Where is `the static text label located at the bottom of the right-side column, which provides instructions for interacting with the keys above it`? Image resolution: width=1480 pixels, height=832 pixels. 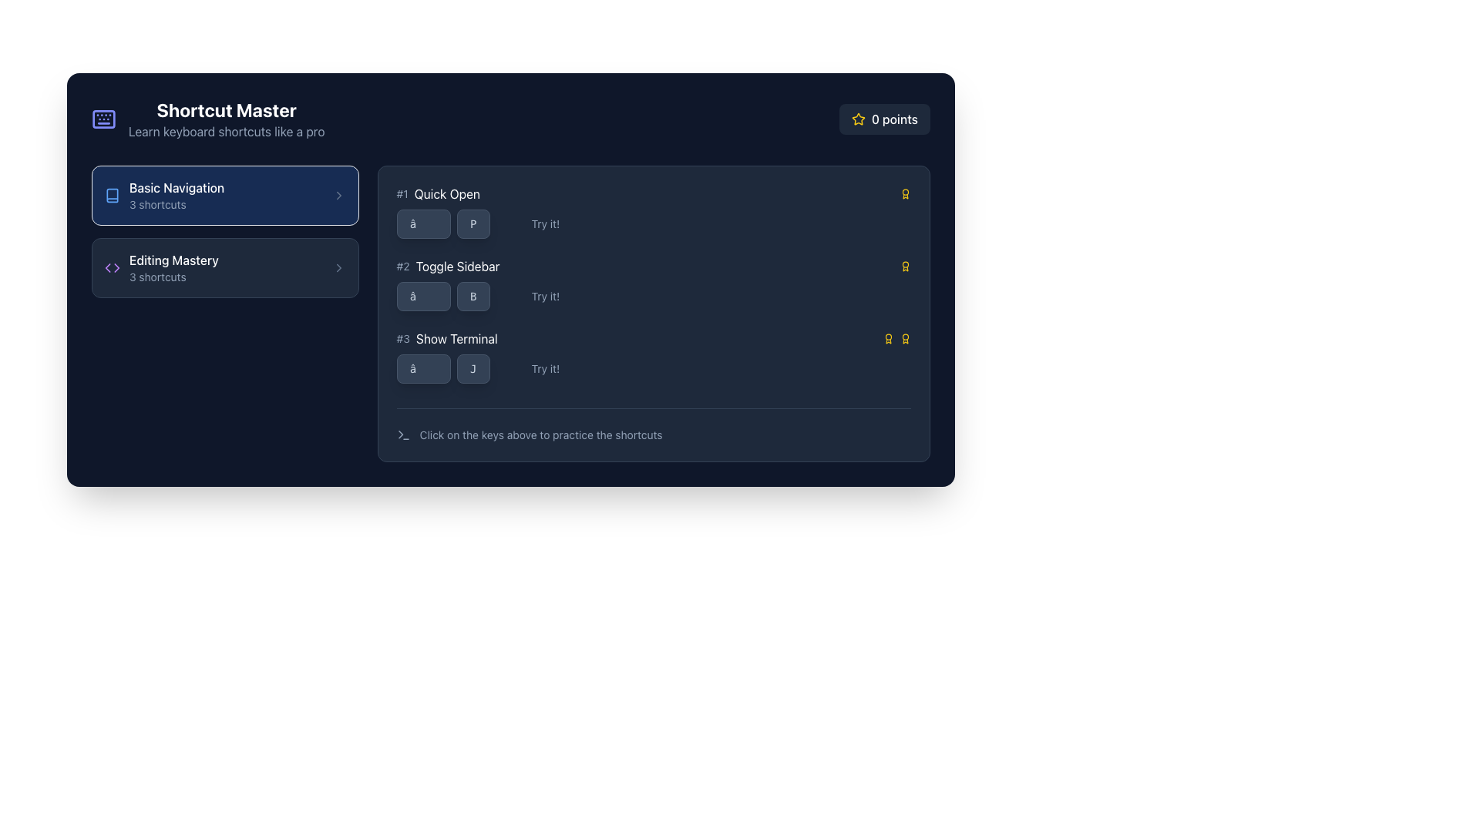
the static text label located at the bottom of the right-side column, which provides instructions for interacting with the keys above it is located at coordinates (541, 434).